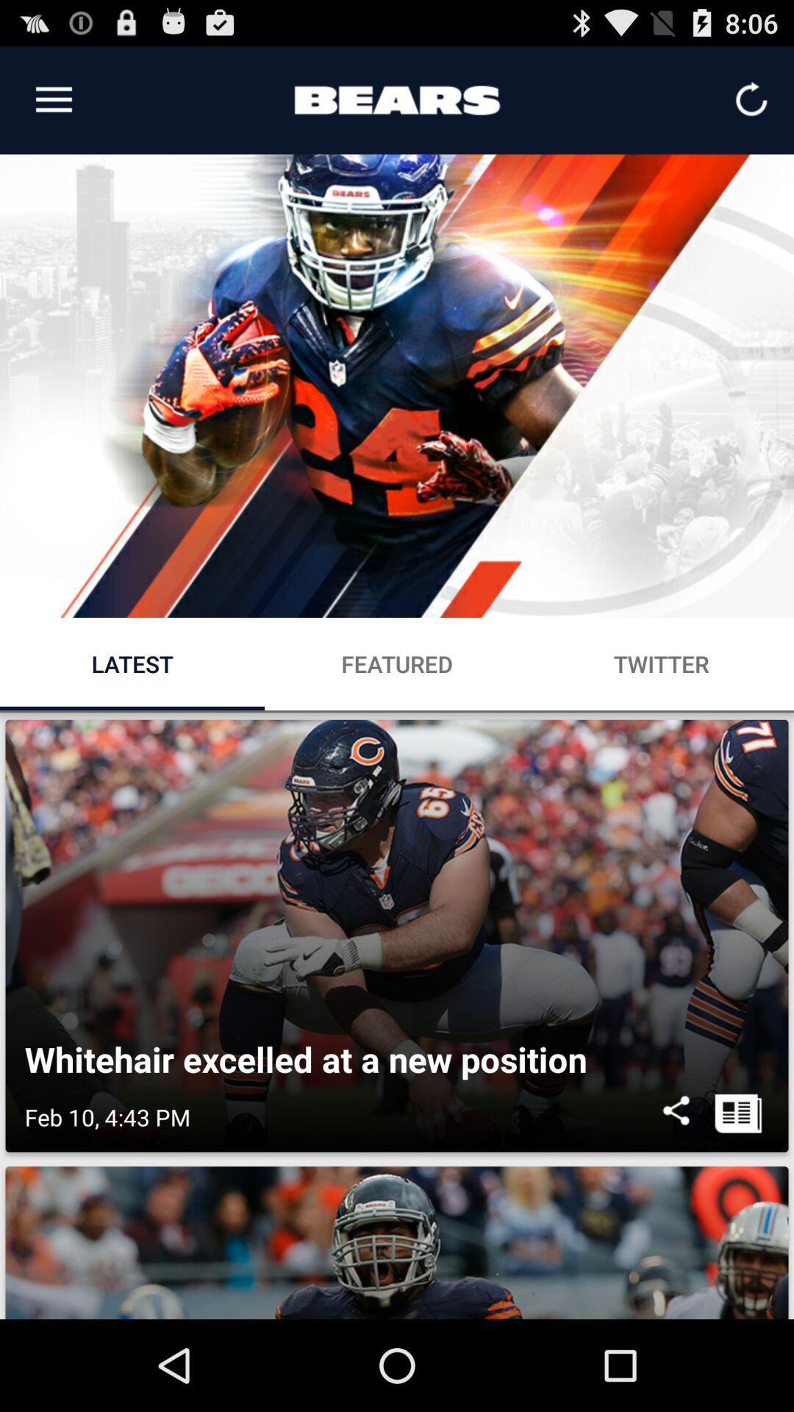  Describe the element at coordinates (53, 99) in the screenshot. I see `the icon at the top left corner` at that location.